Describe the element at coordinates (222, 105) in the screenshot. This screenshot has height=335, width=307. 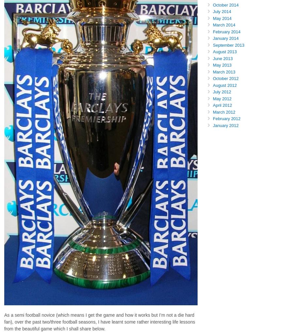
I see `'April 2012'` at that location.